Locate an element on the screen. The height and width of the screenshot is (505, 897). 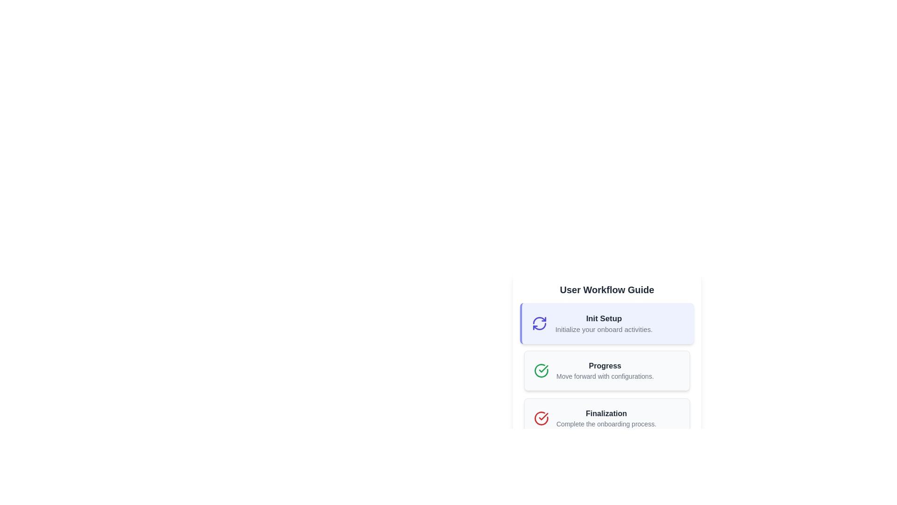
the 'Init Setup' icon, which is the first visual content in the 'User Workflow Guide' section, indicating initialization activities is located at coordinates (540, 323).